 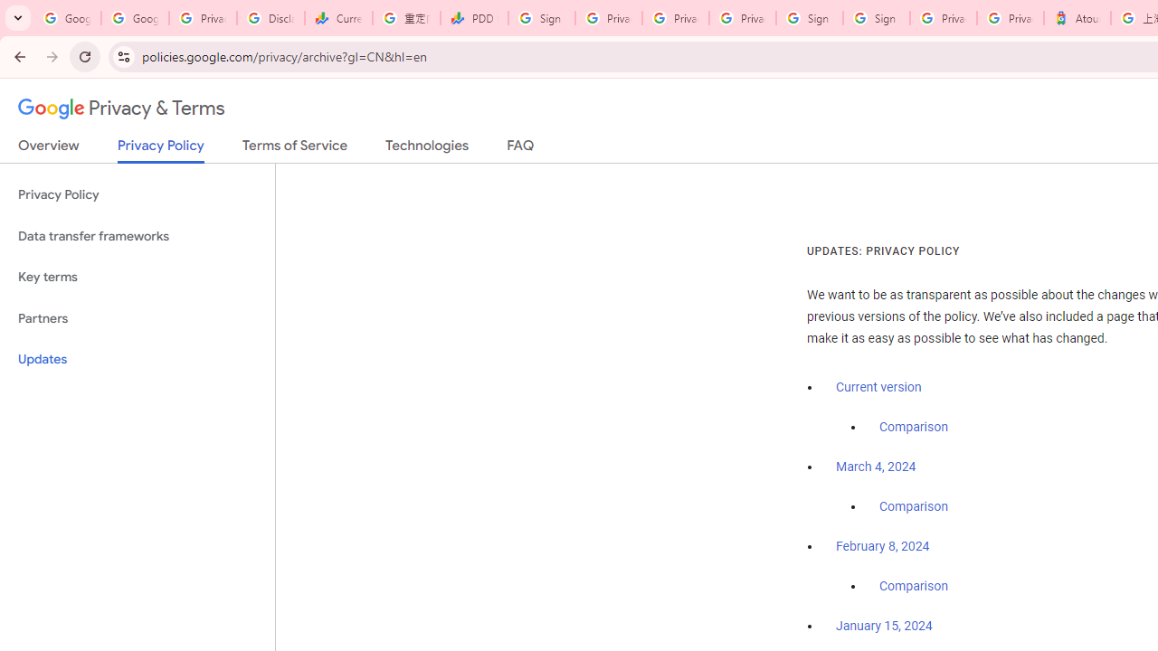 What do you see at coordinates (474, 18) in the screenshot?
I see `'PDD Holdings Inc - ADR (PDD) Price & News - Google Finance'` at bounding box center [474, 18].